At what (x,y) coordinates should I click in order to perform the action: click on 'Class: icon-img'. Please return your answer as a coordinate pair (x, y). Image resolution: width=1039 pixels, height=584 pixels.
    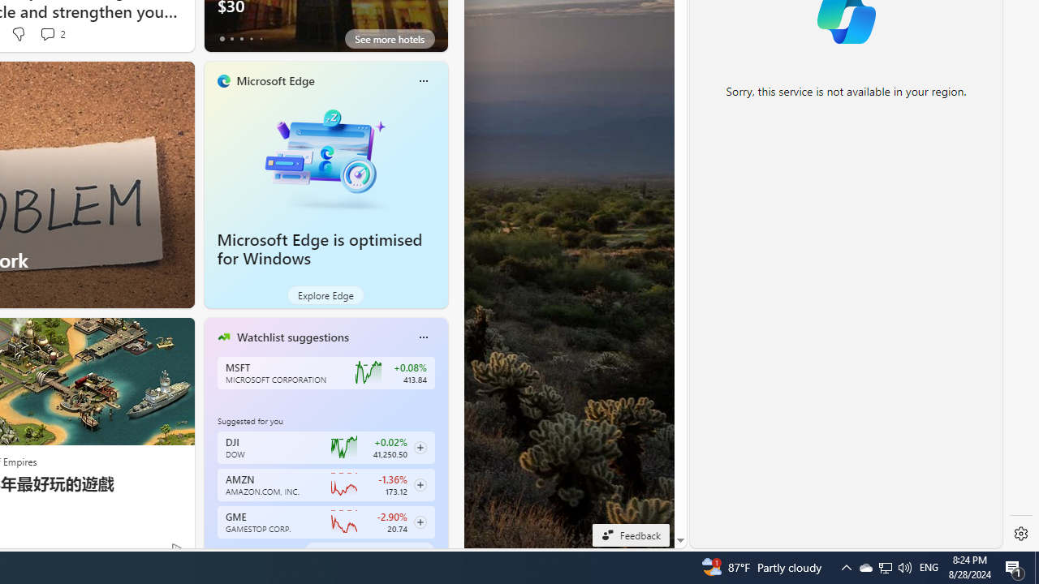
    Looking at the image, I should click on (423, 337).